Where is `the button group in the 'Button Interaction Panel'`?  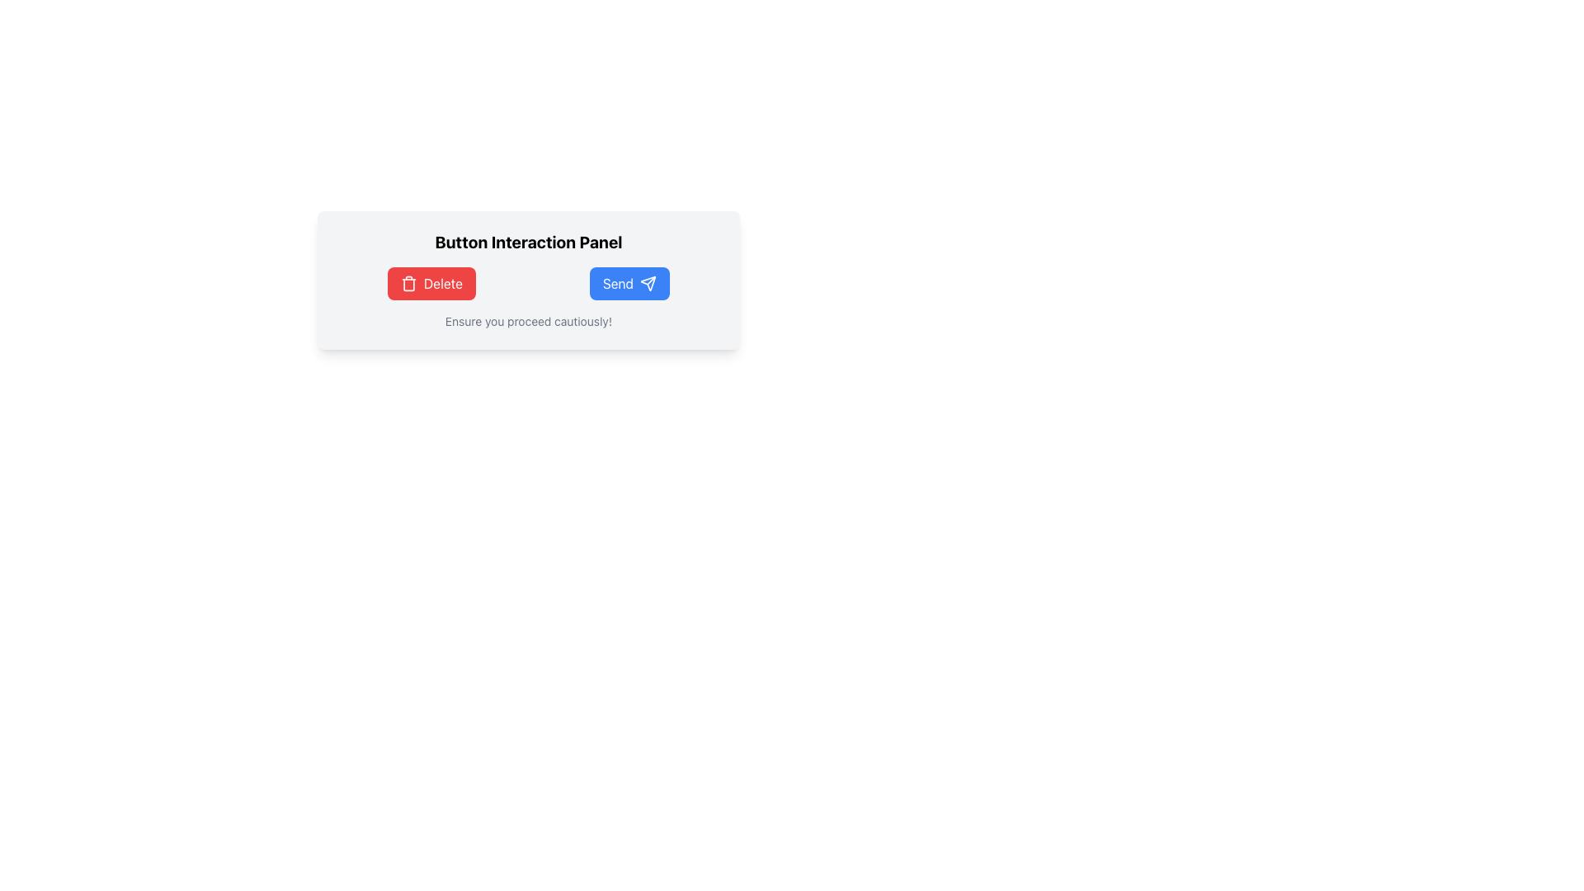 the button group in the 'Button Interaction Panel' is located at coordinates (529, 282).